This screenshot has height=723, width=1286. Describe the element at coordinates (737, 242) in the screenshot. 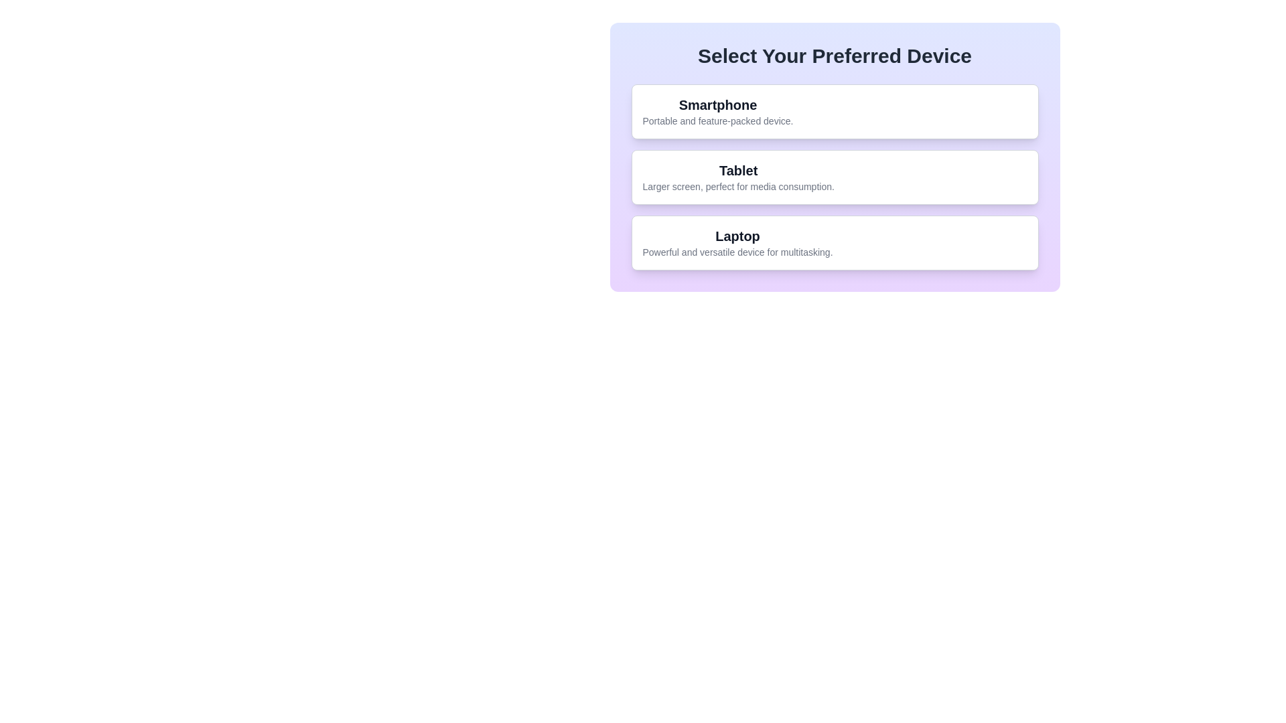

I see `descriptive text in the 'Laptop' device label, which is the last entry in the vertical list of options including 'Smartphone' and 'Tablet.'` at that location.